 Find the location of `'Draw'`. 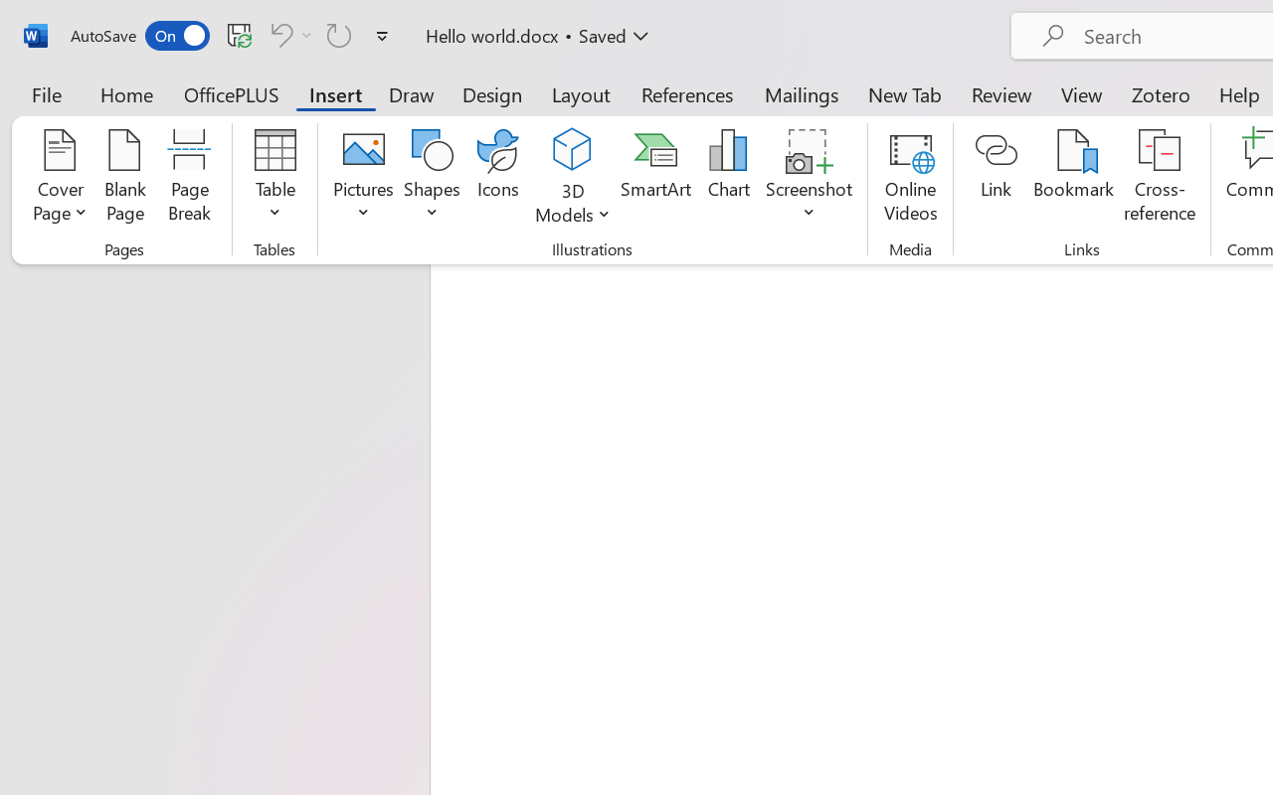

'Draw' is located at coordinates (411, 93).